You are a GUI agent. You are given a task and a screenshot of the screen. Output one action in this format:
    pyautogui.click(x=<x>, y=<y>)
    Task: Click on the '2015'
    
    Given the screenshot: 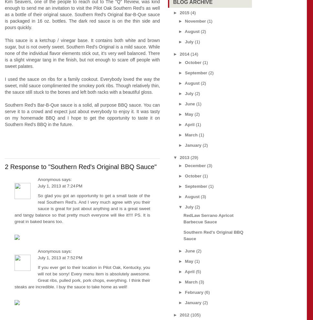 What is the action you would take?
    pyautogui.click(x=184, y=12)
    